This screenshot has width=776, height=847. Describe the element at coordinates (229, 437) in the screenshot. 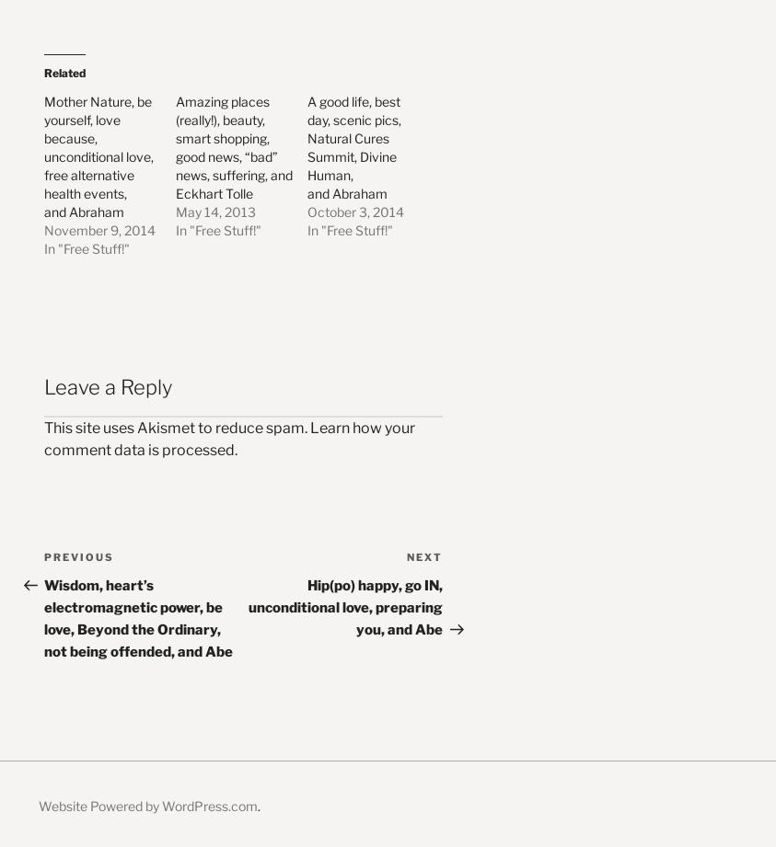

I see `'Learn how your comment data is processed'` at that location.